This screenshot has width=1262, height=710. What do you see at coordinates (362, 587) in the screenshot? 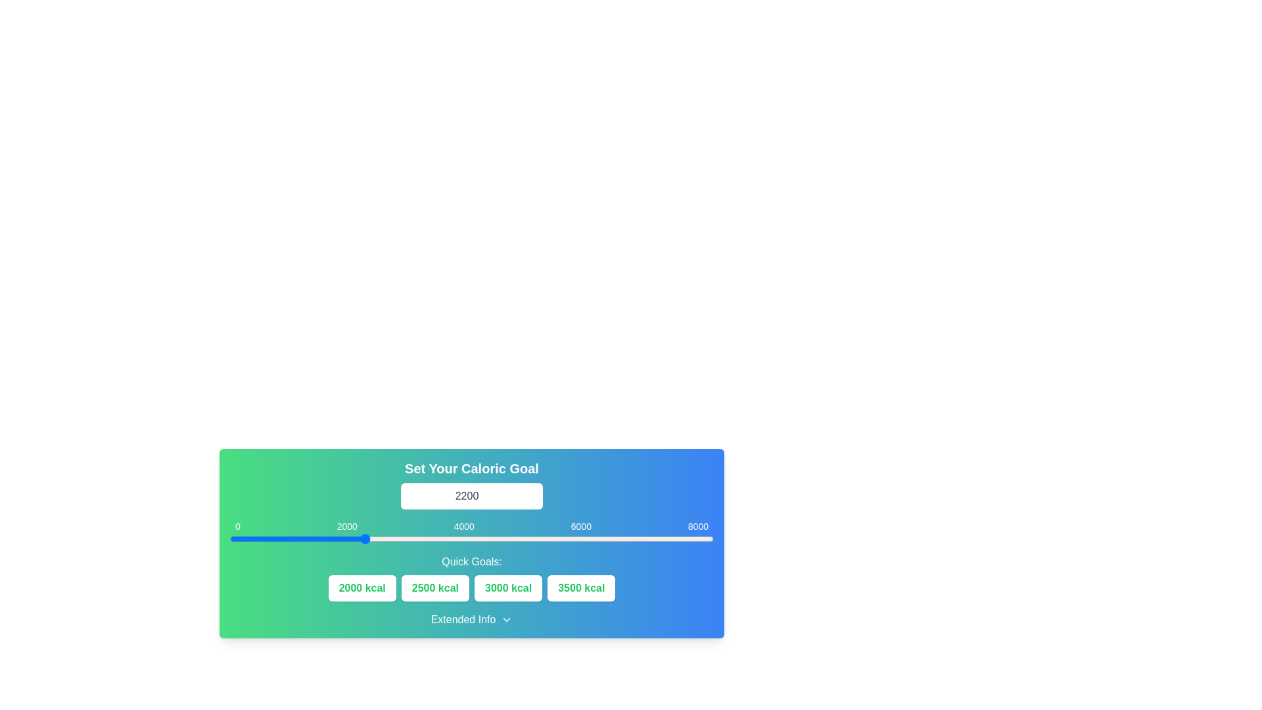
I see `the '2000 kcal' button located under the 'Quick Goals:' label` at bounding box center [362, 587].